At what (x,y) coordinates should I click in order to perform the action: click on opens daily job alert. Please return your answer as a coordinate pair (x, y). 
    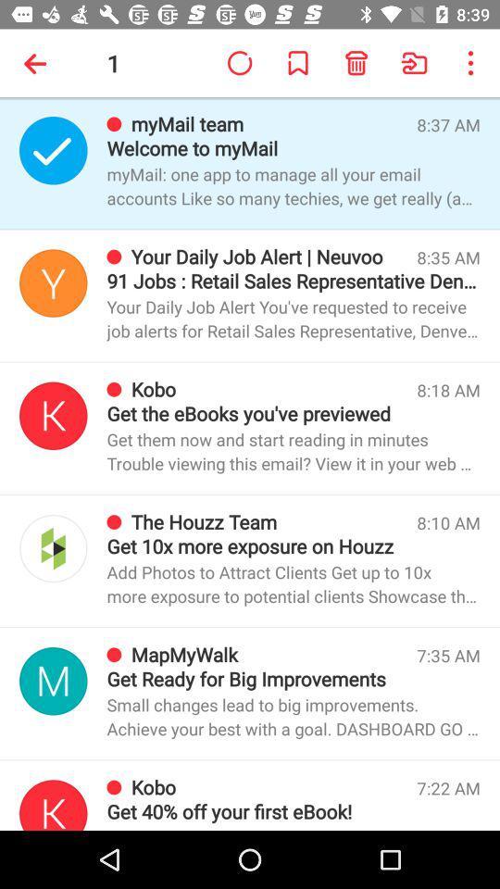
    Looking at the image, I should click on (53, 282).